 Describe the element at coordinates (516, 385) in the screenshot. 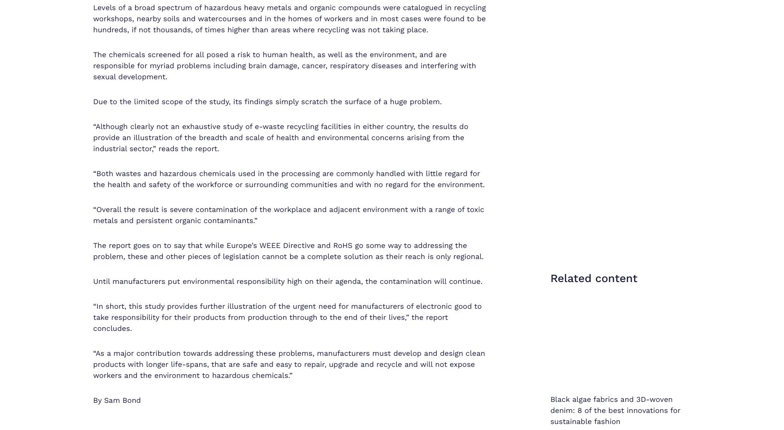

I see `'About Us'` at that location.